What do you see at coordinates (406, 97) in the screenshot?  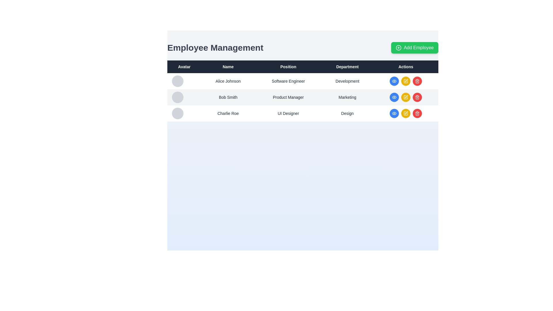 I see `the yellow circular button with a white pen icon located in the Actions column of the second row in the table to initiate editing` at bounding box center [406, 97].